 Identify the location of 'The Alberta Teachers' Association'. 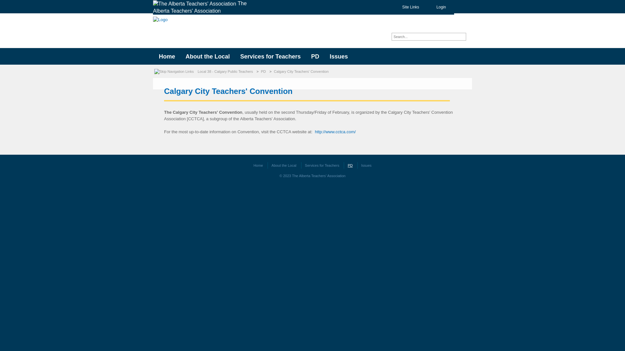
(204, 7).